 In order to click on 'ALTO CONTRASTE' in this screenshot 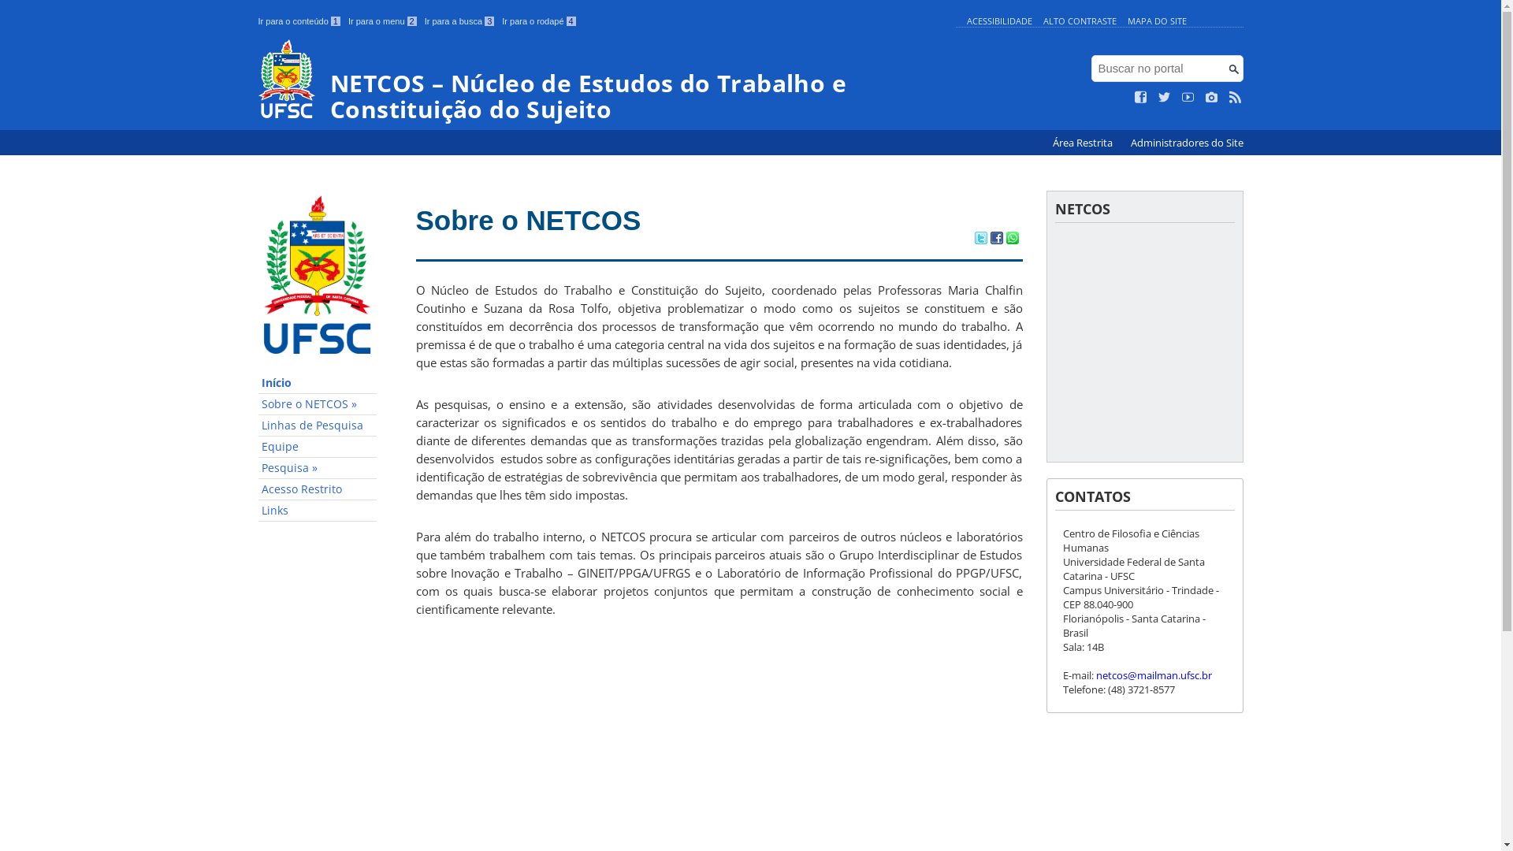, I will do `click(1079, 20)`.